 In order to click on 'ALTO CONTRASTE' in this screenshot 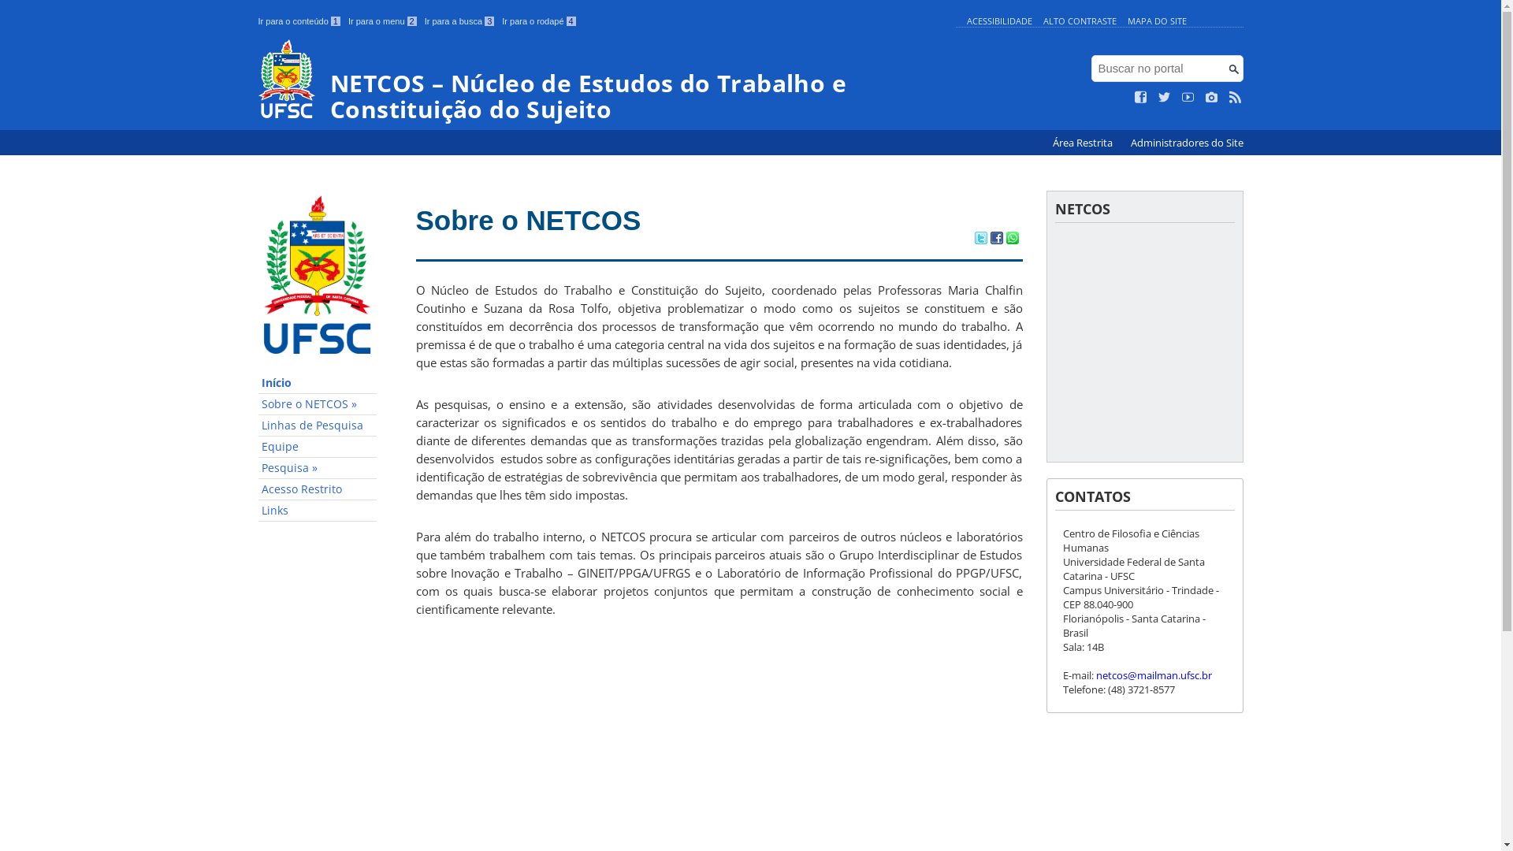, I will do `click(1079, 20)`.